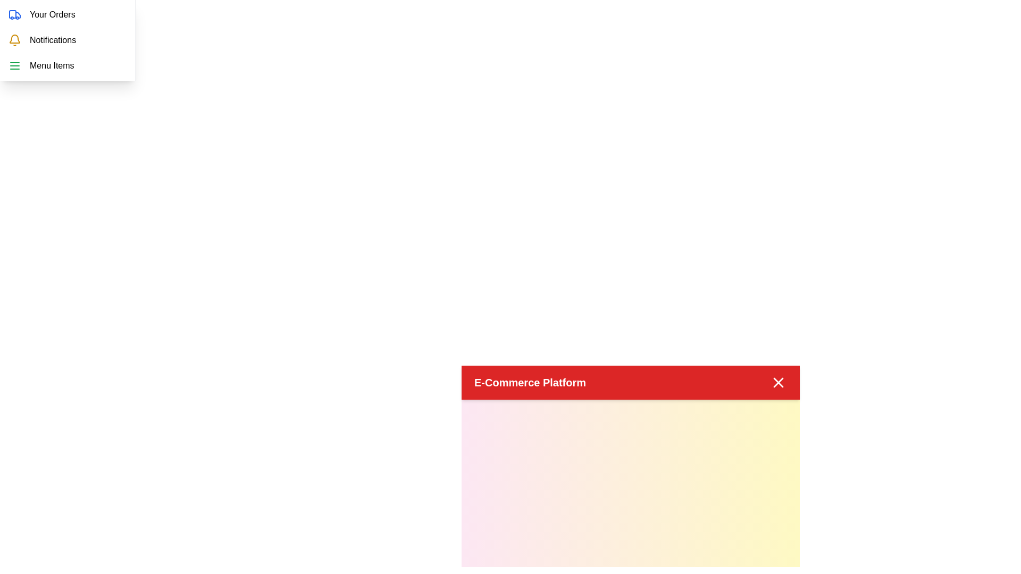  I want to click on the 'Your Orders' menu item, so click(67, 14).